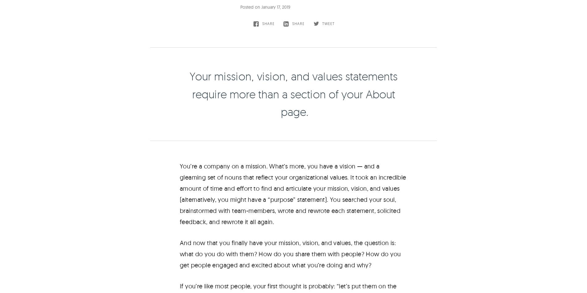  What do you see at coordinates (321, 145) in the screenshot?
I see `'Read the current issue.'` at bounding box center [321, 145].